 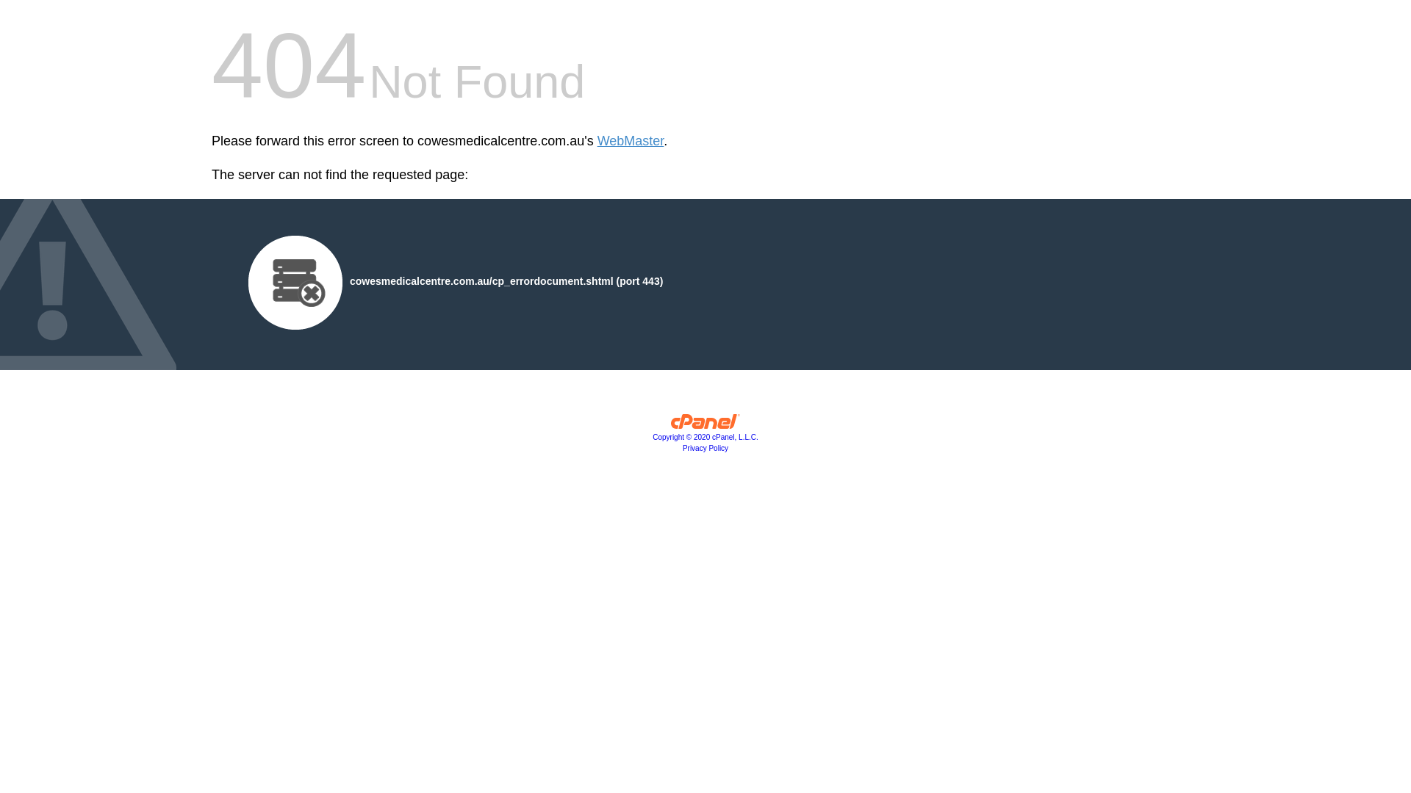 What do you see at coordinates (631, 141) in the screenshot?
I see `'WebMaster'` at bounding box center [631, 141].